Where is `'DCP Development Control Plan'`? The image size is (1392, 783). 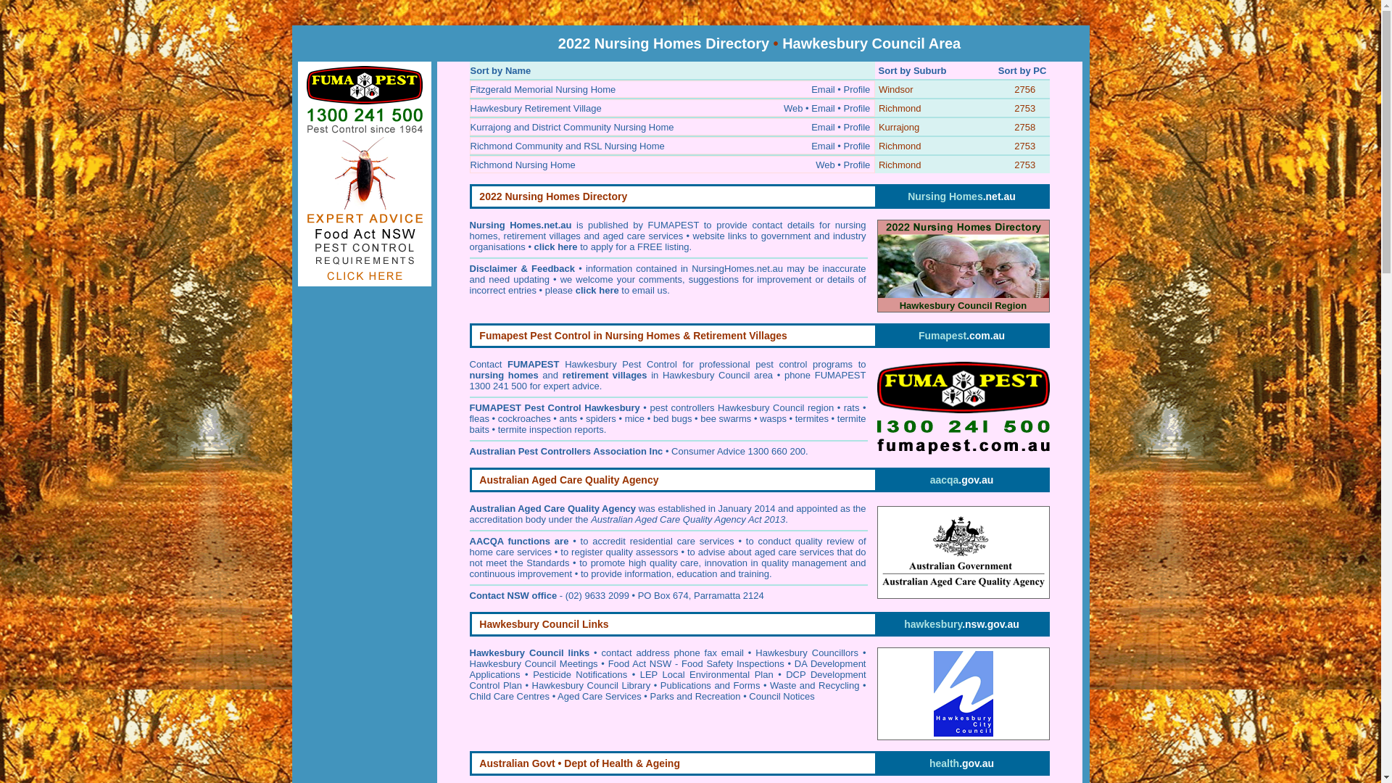
'DCP Development Control Plan' is located at coordinates (667, 679).